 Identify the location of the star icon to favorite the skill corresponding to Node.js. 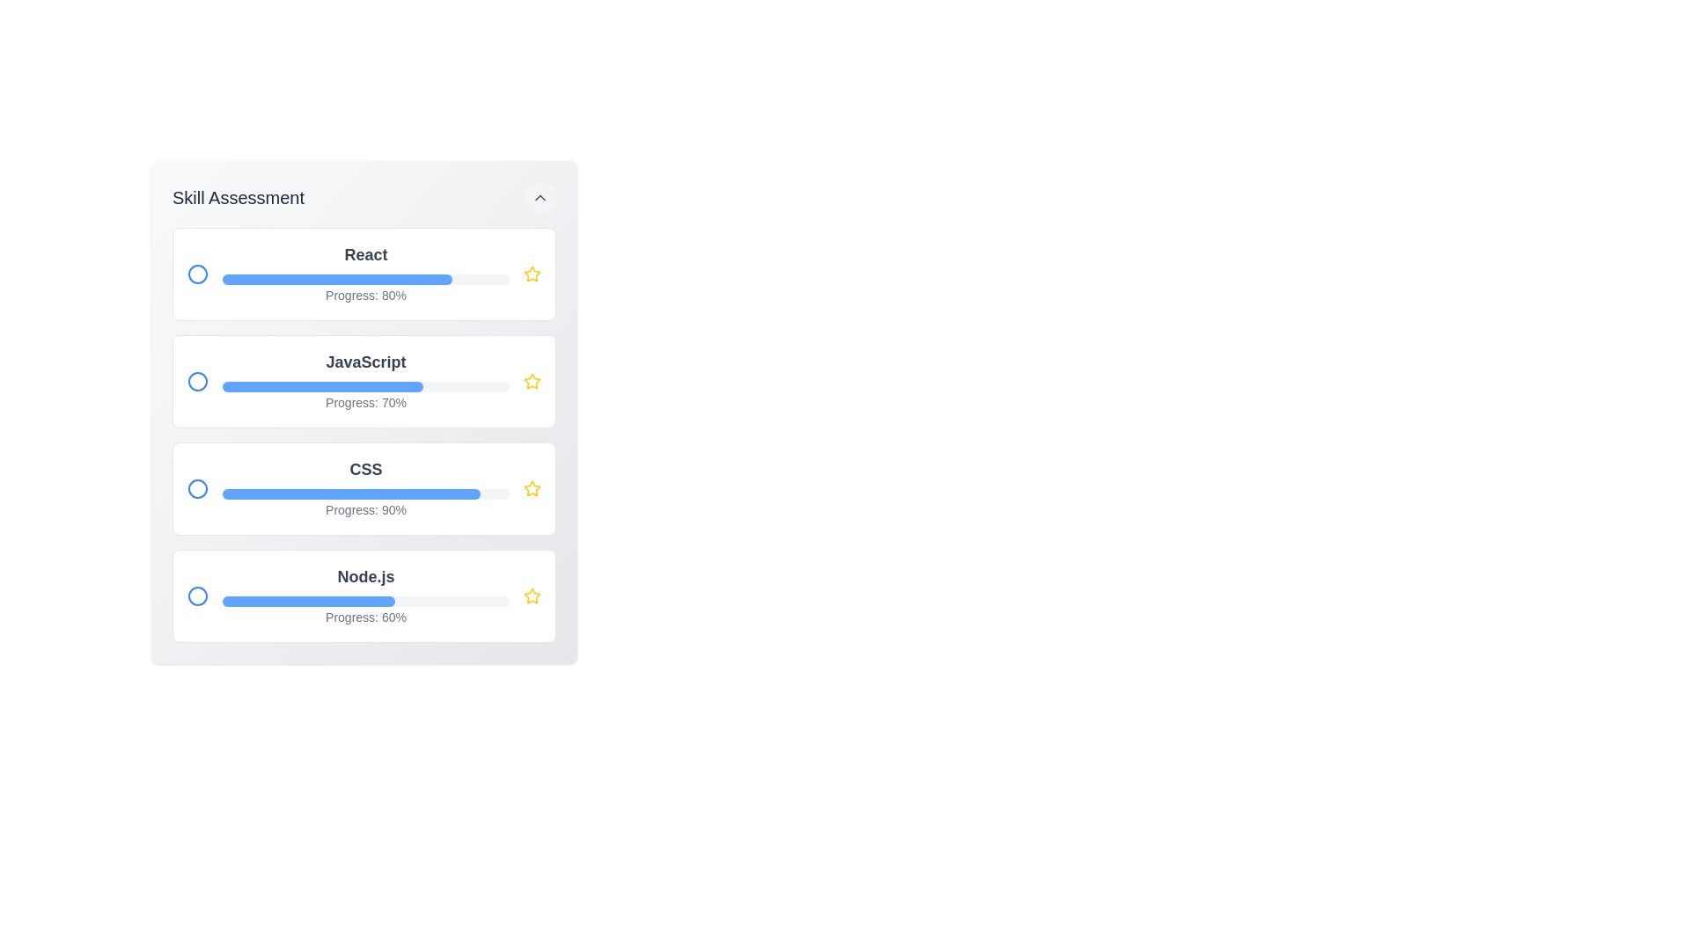
(531, 596).